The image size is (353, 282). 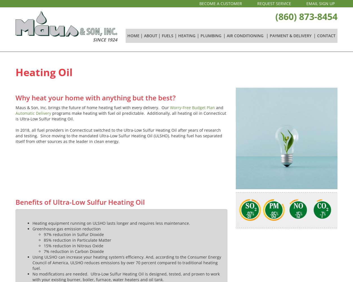 I want to click on 'Using ULSHO can increase your heating system’s efficiency. And, according to the Consumer Energy Council of America, ULSHO reduces emissions by over 70 percent compared to traditional heating fuel.', so click(x=127, y=263).